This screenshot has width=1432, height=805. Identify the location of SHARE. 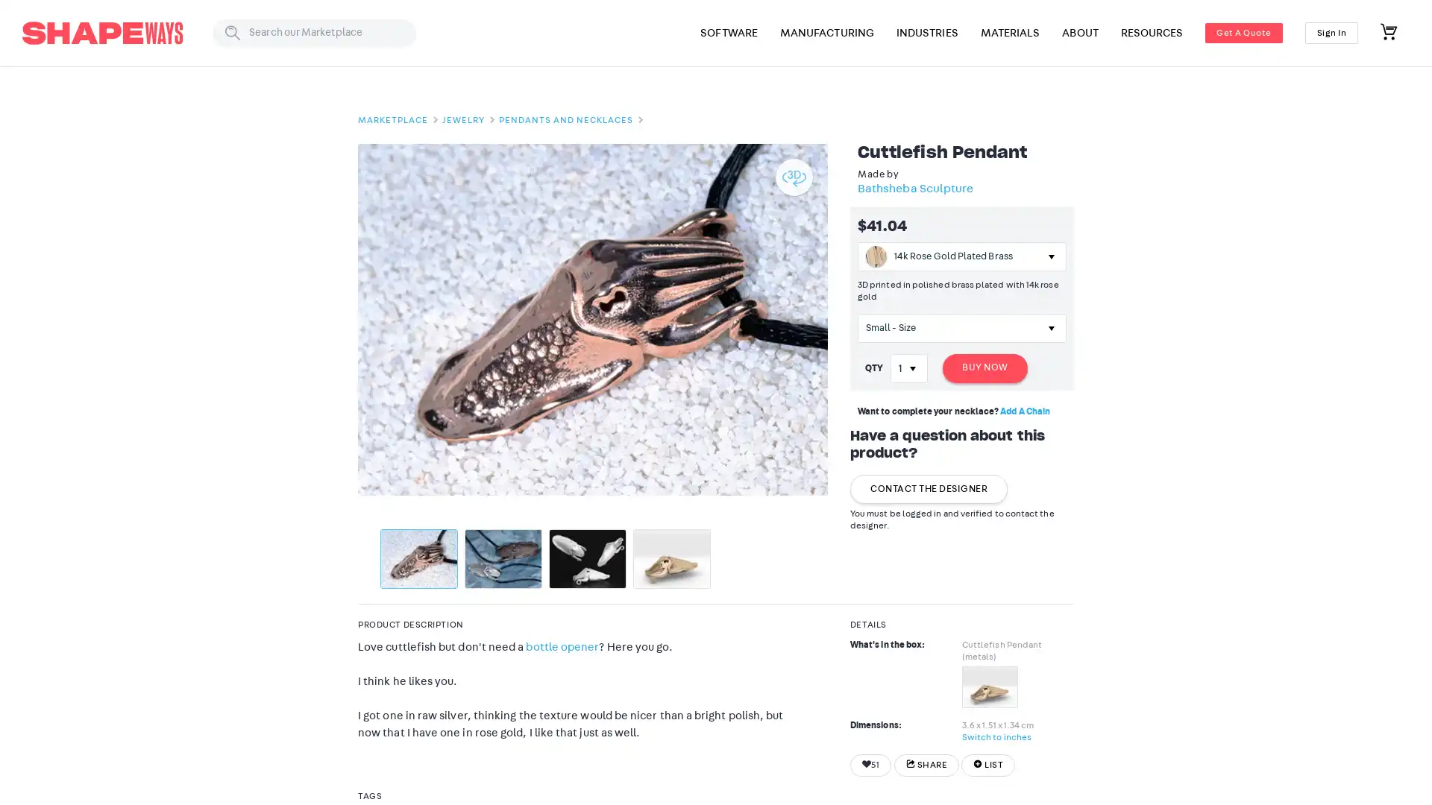
(926, 765).